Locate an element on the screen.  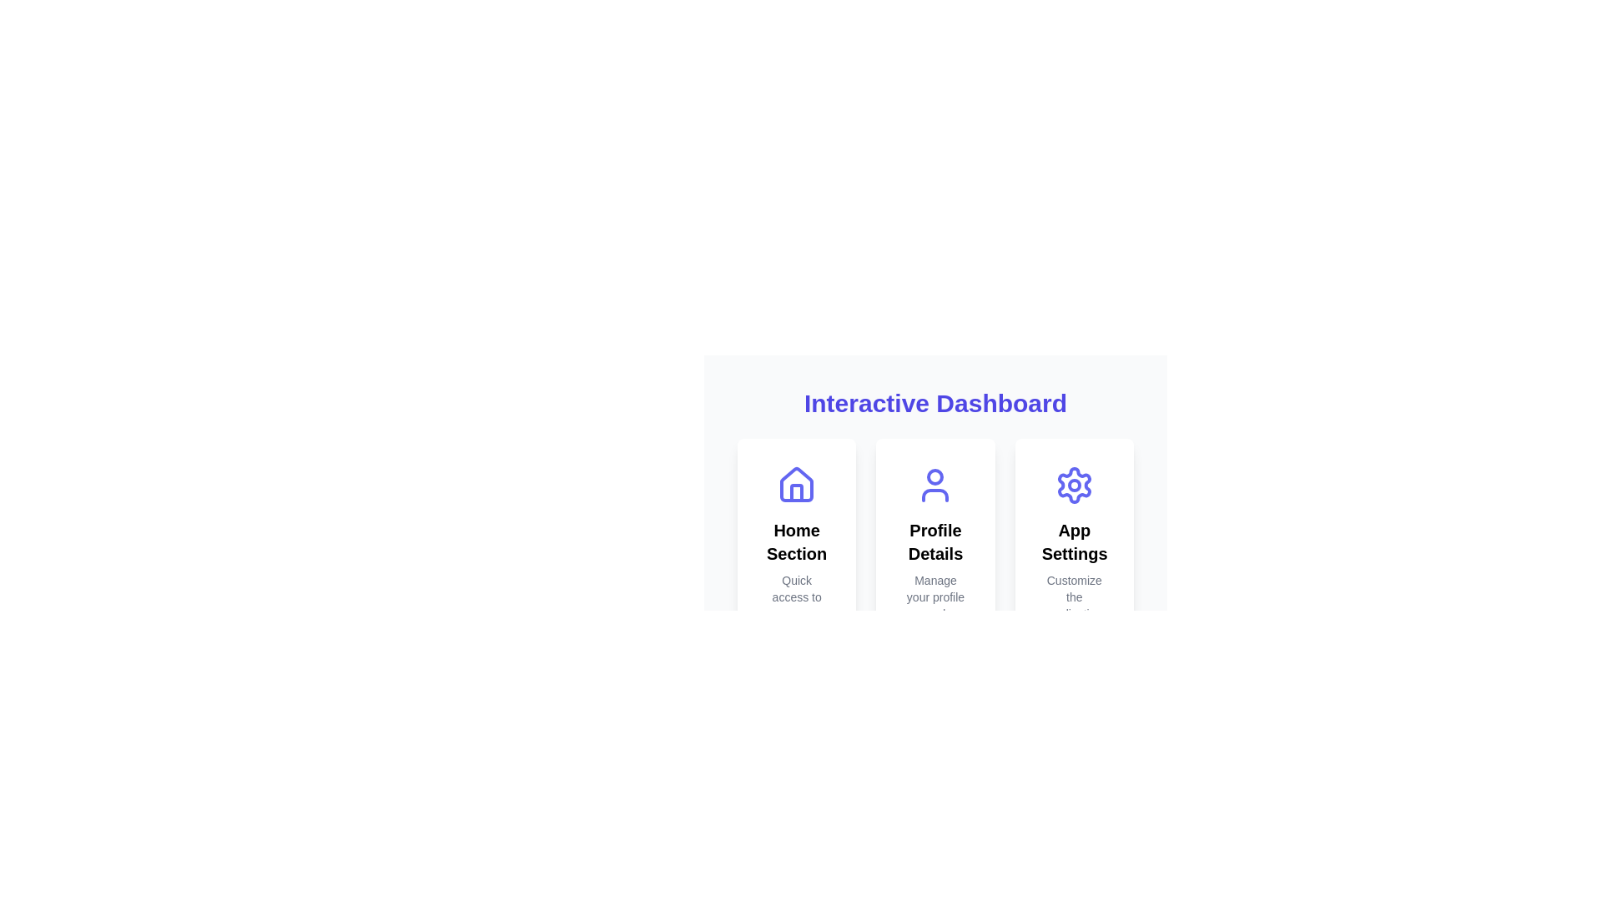
the circular gear icon representing settings, which is centrally positioned at the top section of the 'App Settings' card is located at coordinates (1074, 486).